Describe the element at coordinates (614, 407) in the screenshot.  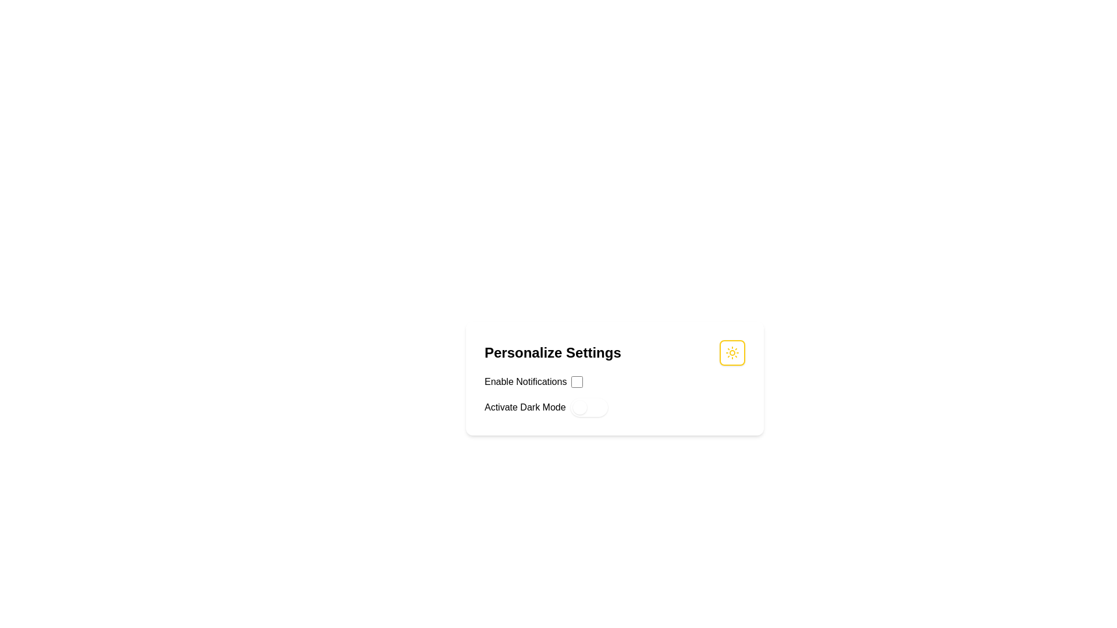
I see `the toggle switch for enabling or disabling dark mode, which is the second entry under 'Personalize Settings'` at that location.